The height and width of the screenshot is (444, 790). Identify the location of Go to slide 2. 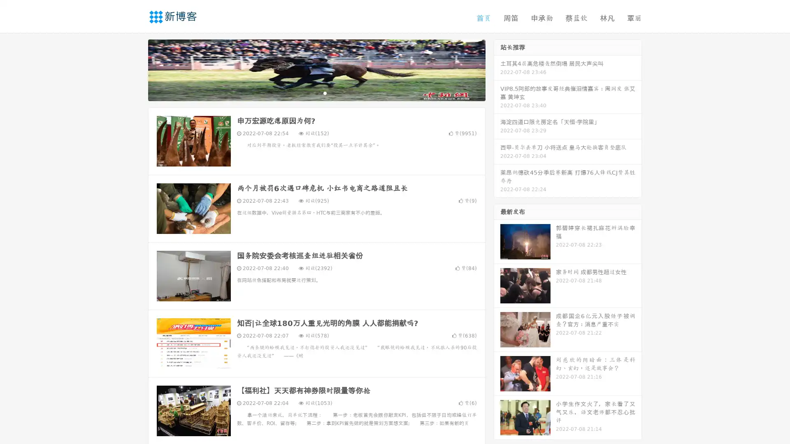
(316, 92).